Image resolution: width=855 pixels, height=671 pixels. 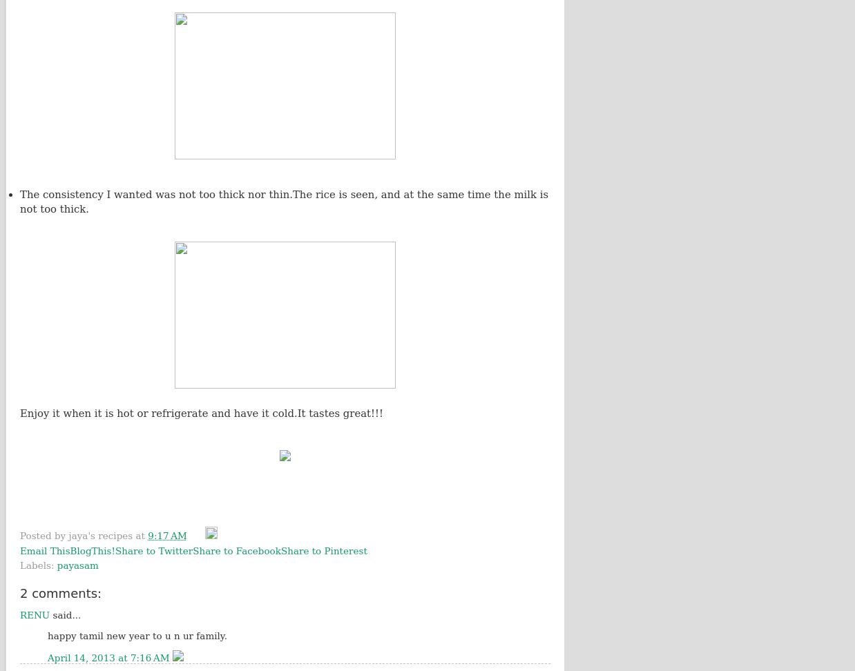 What do you see at coordinates (236, 550) in the screenshot?
I see `'Share to Facebook'` at bounding box center [236, 550].